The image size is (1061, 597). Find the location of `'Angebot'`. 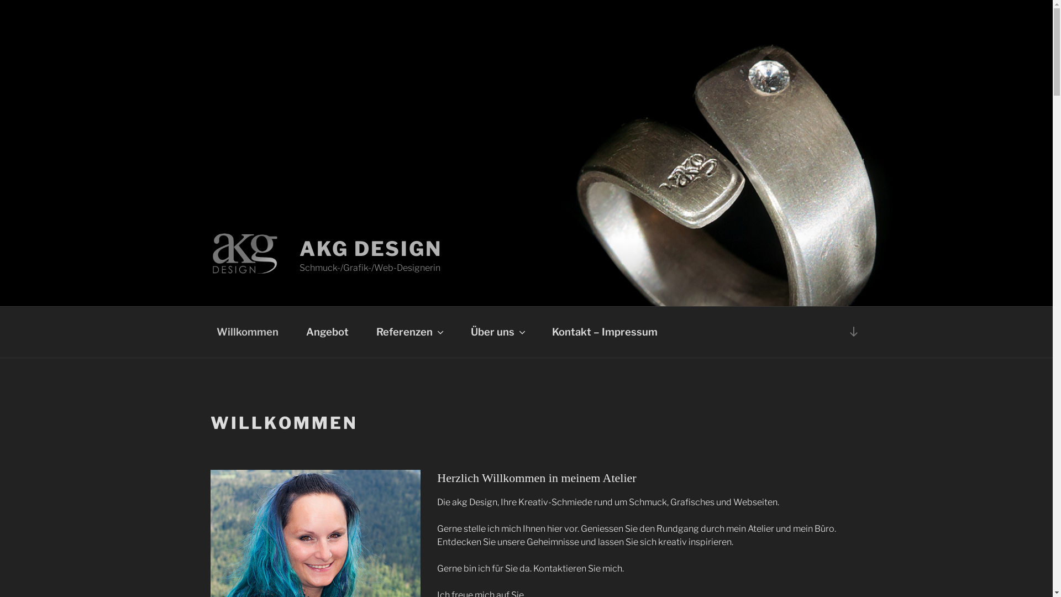

'Angebot' is located at coordinates (293, 332).